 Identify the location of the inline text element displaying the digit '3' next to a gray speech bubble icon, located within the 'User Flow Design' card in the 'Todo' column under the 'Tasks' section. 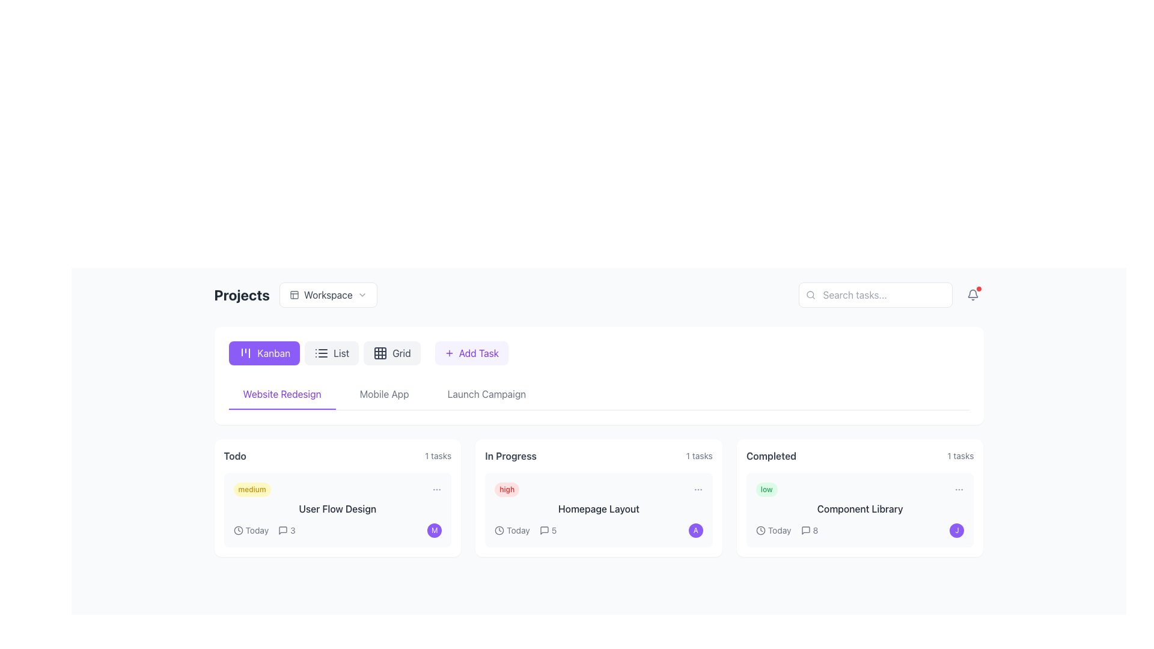
(286, 530).